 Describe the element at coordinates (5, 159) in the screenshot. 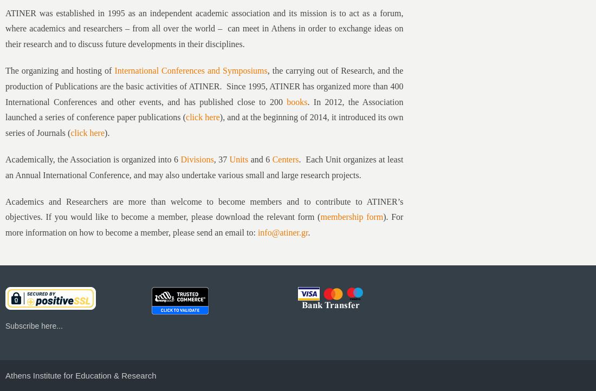

I see `'Academically, the Association is organized into 6'` at that location.